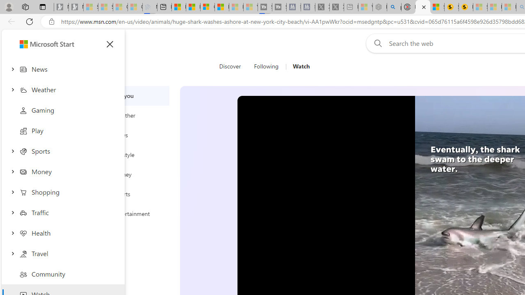 Image resolution: width=525 pixels, height=295 pixels. Describe the element at coordinates (110, 44) in the screenshot. I see `'Class: button-glyph'` at that location.